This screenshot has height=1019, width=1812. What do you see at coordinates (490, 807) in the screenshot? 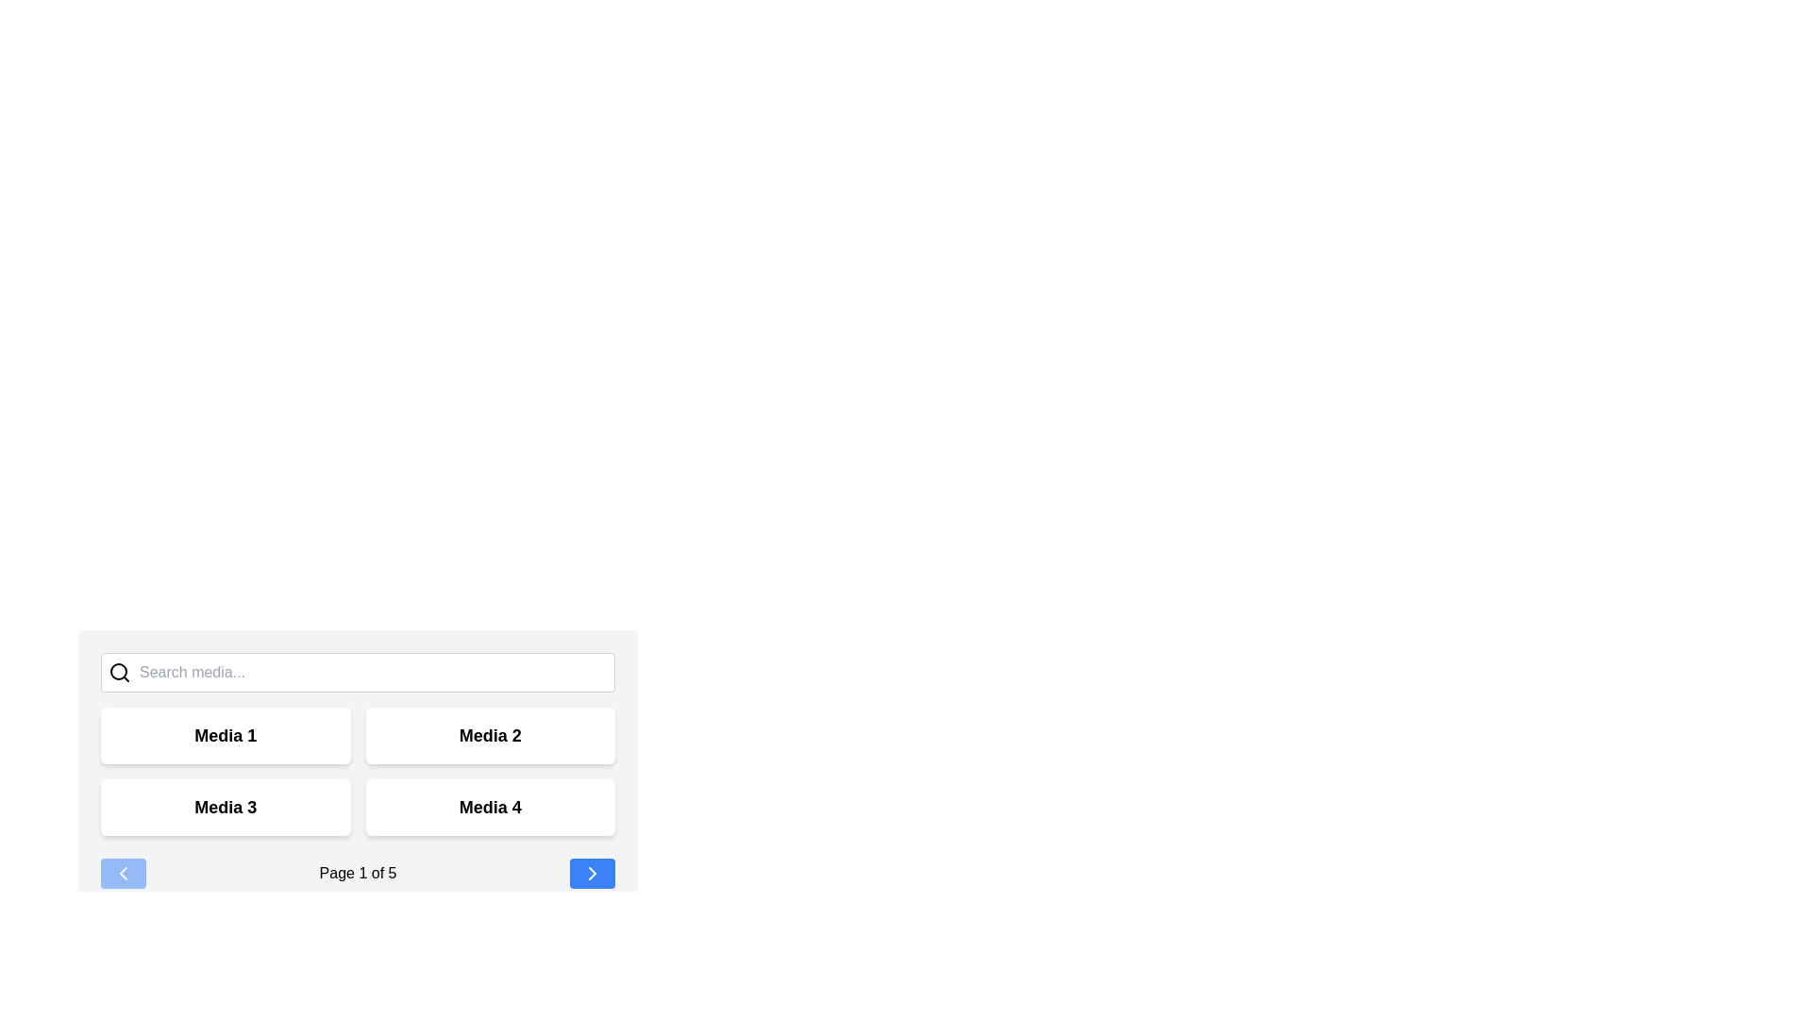
I see `text from the Text label displaying 'Media 4', located at the bottom-right corner of the grid layout under 'Media 3'` at bounding box center [490, 807].